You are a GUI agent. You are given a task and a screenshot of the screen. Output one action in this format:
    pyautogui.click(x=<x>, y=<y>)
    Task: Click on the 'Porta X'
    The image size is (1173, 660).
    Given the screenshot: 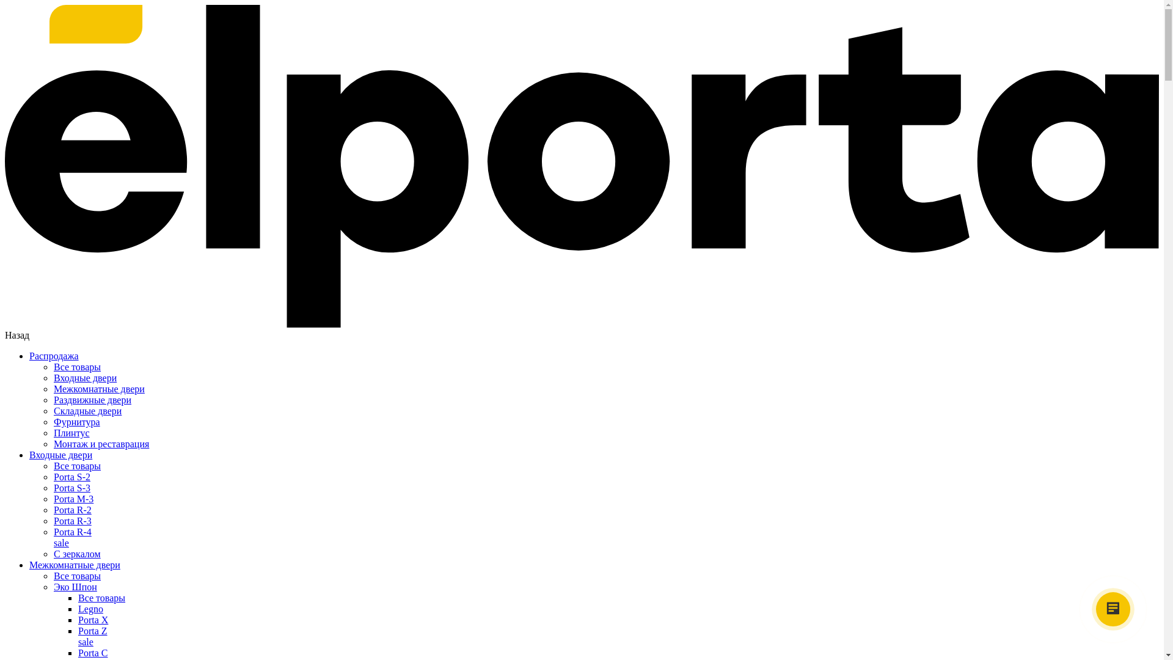 What is the action you would take?
    pyautogui.click(x=92, y=620)
    